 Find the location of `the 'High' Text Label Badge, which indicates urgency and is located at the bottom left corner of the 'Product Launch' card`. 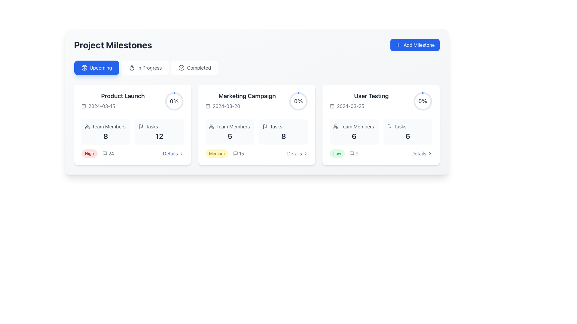

the 'High' Text Label Badge, which indicates urgency and is located at the bottom left corner of the 'Product Launch' card is located at coordinates (89, 153).